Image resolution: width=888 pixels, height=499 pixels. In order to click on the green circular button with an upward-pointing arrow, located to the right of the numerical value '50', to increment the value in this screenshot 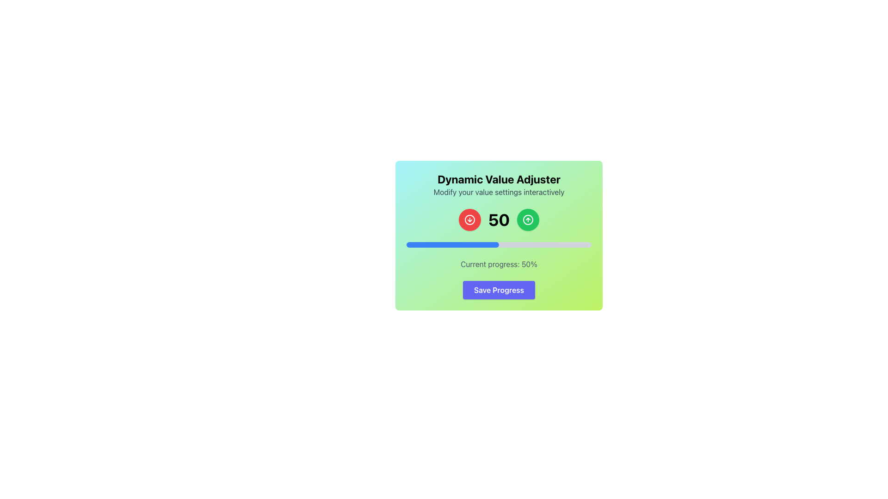, I will do `click(528, 219)`.